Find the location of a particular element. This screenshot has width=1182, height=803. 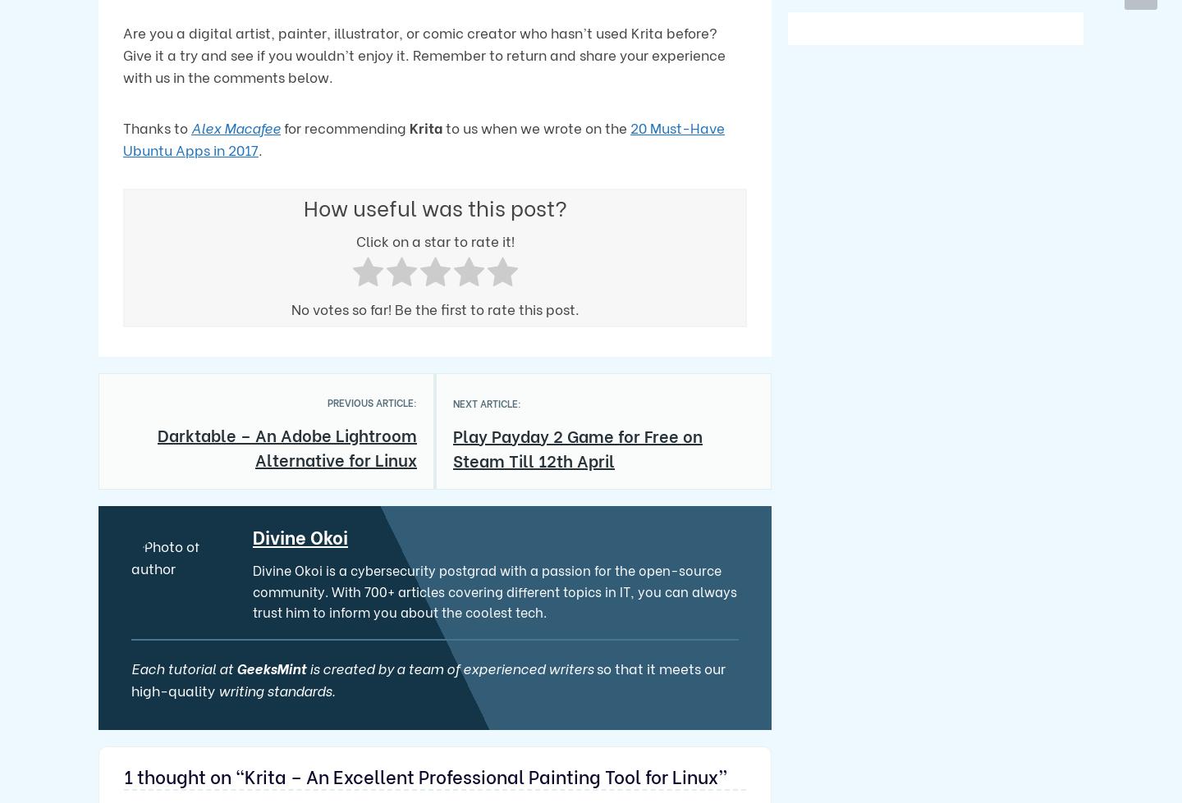

'writing standards.' is located at coordinates (275, 688).